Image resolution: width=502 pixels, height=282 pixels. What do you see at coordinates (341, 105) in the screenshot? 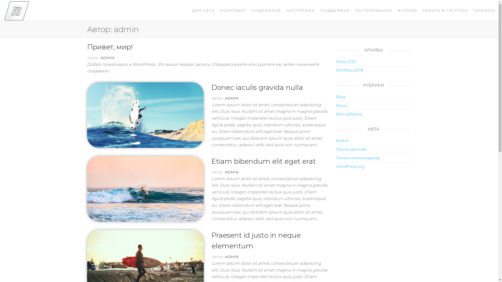
I see `'News'` at bounding box center [341, 105].